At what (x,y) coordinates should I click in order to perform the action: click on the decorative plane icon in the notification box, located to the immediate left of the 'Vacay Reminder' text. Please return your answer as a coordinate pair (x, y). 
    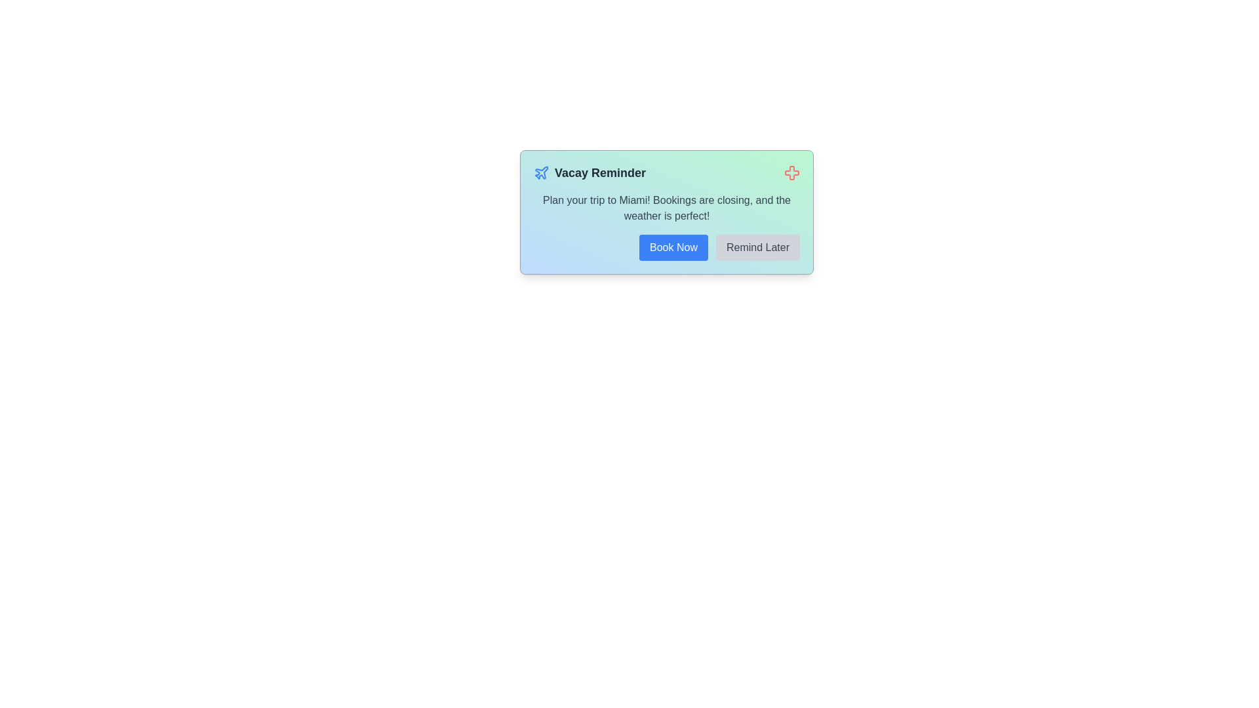
    Looking at the image, I should click on (541, 172).